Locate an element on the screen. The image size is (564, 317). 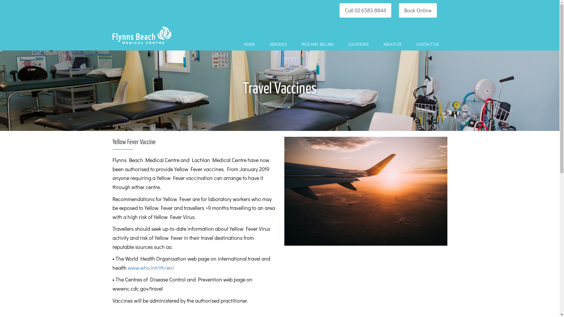
'Call 02 6583 8844' is located at coordinates (365, 10).